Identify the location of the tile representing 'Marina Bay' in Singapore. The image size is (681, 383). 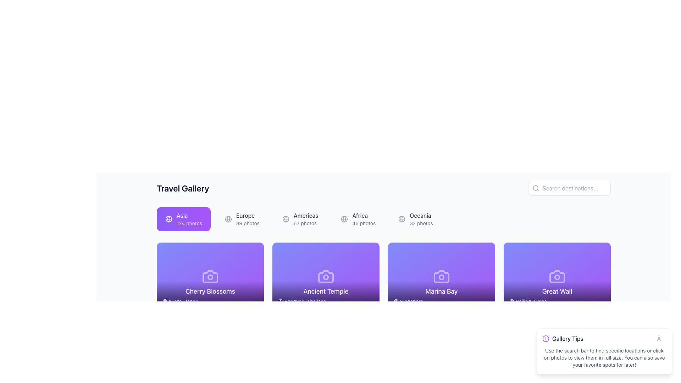
(441, 276).